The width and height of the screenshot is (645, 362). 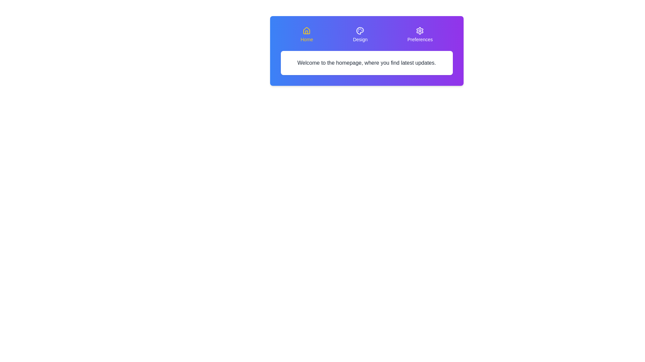 What do you see at coordinates (306, 35) in the screenshot?
I see `the tab labeled Home to observe its hover effect` at bounding box center [306, 35].